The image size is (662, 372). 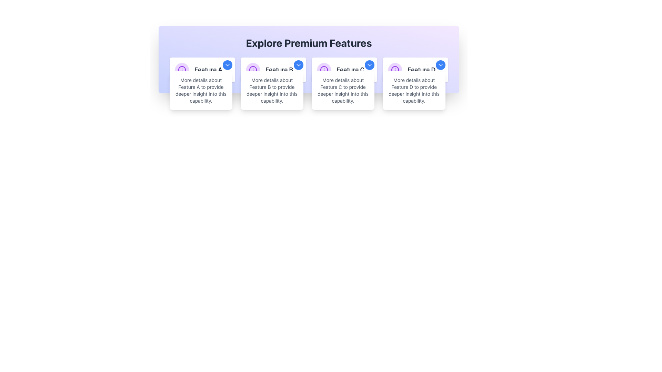 I want to click on the downward-pointing chevron icon within the blue circular button at the top right corner of the card labeled Feature A in the Explore Premium Features section, so click(x=228, y=65).